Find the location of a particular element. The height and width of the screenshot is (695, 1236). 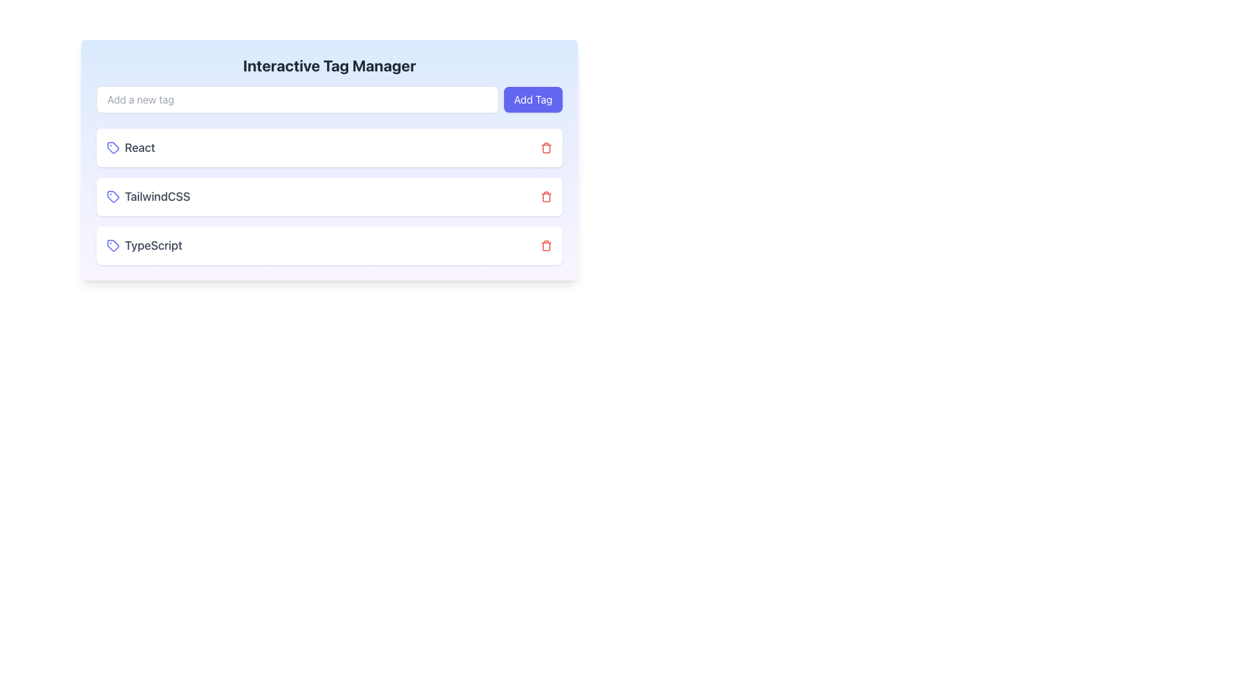

the icon button located on the far right of the 'TailwindCSS' tag entry to trigger interactivity cues is located at coordinates (547, 196).